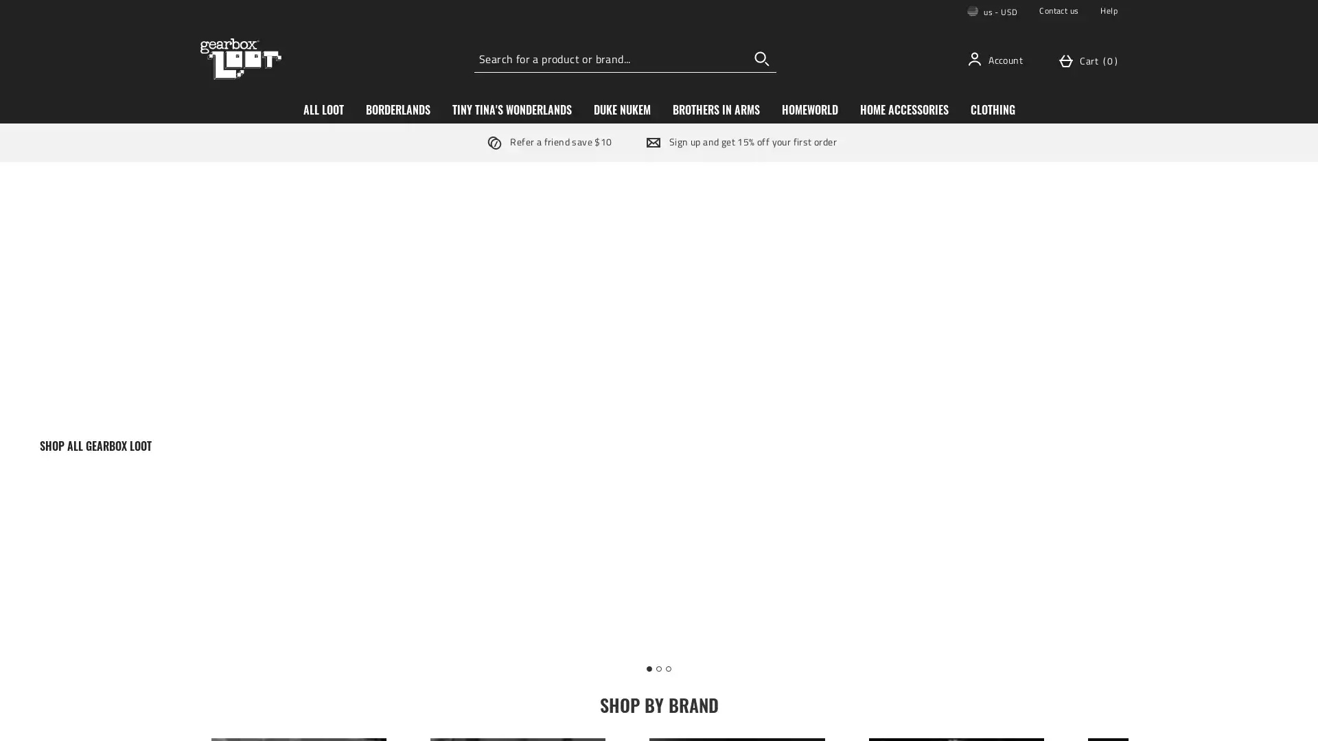  What do you see at coordinates (761, 58) in the screenshot?
I see `Start search` at bounding box center [761, 58].